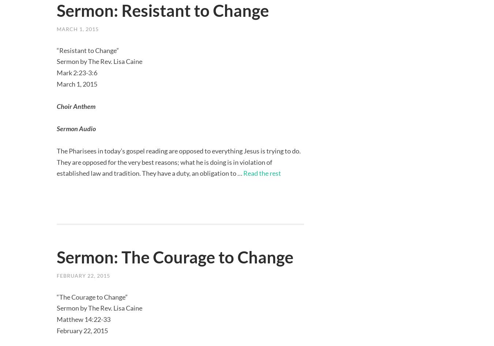  What do you see at coordinates (92, 296) in the screenshot?
I see `'“The Courage to Change”'` at bounding box center [92, 296].